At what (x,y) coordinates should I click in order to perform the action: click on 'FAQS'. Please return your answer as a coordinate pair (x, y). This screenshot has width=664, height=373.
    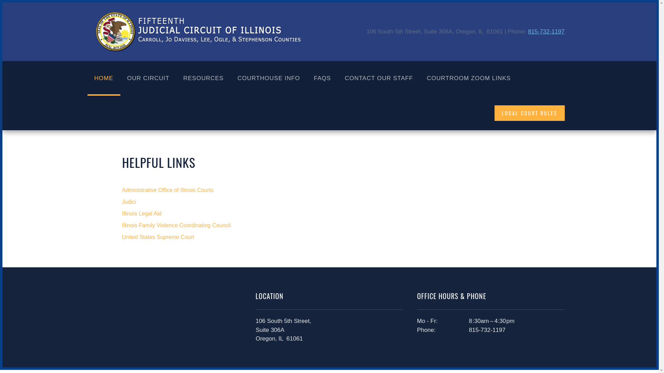
    Looking at the image, I should click on (322, 78).